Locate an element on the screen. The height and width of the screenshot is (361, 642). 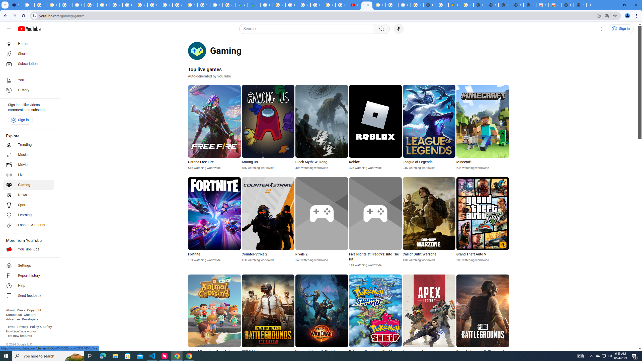
'Animal Crossing: New Horizons 8.7K watching worldwide' is located at coordinates (214, 317).